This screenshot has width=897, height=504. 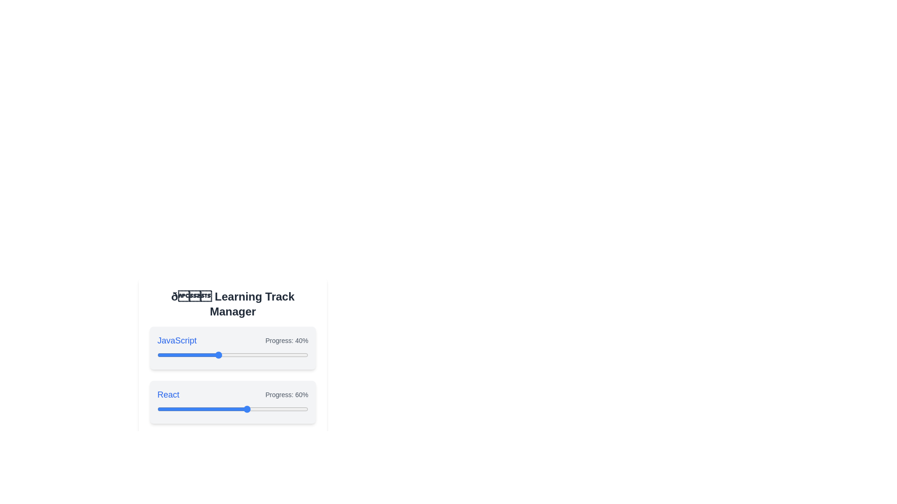 What do you see at coordinates (231, 355) in the screenshot?
I see `the progress for 'JavaScript' track` at bounding box center [231, 355].